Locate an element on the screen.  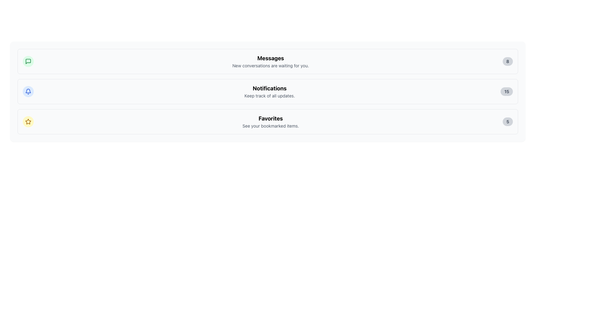
the green speech bubble icon located at the top of the column of icons is located at coordinates (28, 61).